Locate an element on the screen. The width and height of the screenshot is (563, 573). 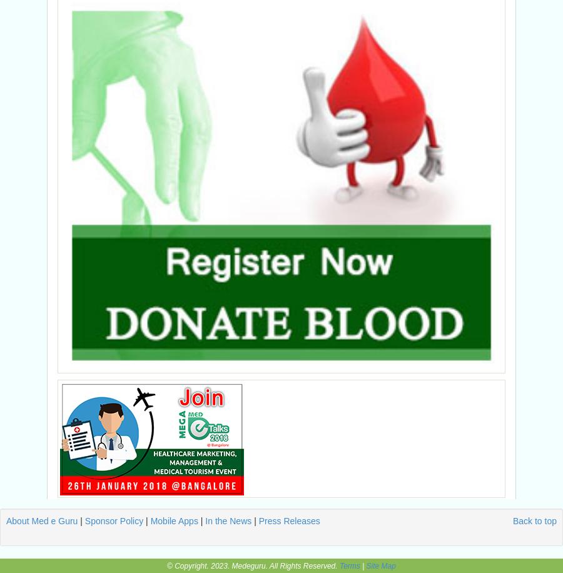
'Mobile Apps' is located at coordinates (173, 520).